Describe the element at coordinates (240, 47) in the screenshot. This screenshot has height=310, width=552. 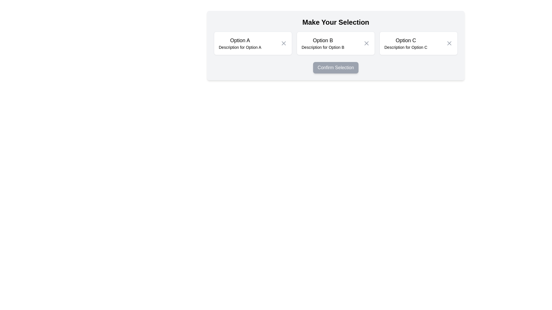
I see `the Text Label that displays additional descriptive information about 'Option A', located immediately below the text 'Option A' in the leftmost selection box` at that location.